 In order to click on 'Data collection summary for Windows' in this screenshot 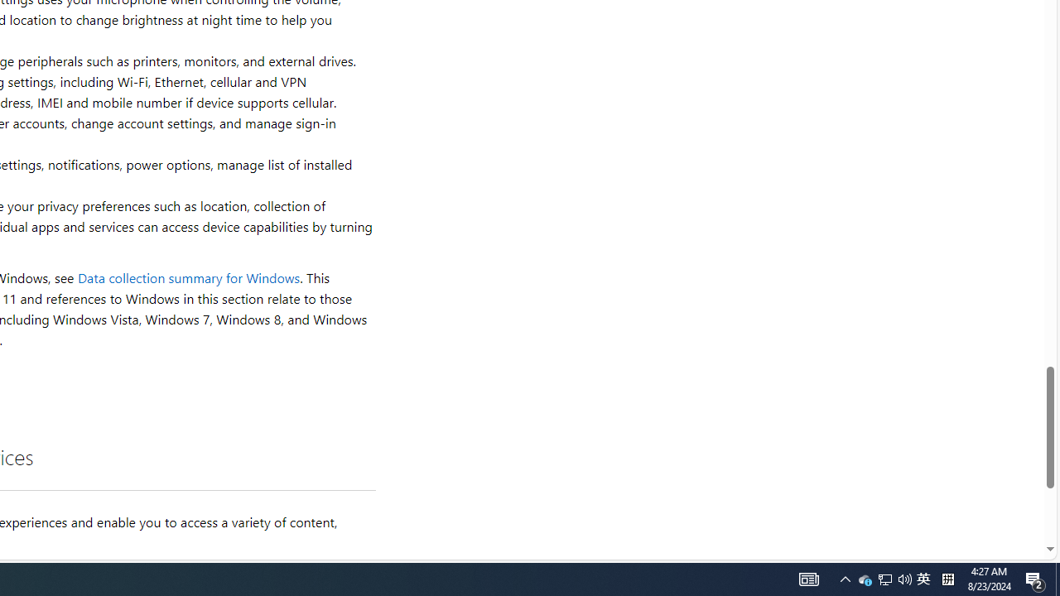, I will do `click(189, 276)`.